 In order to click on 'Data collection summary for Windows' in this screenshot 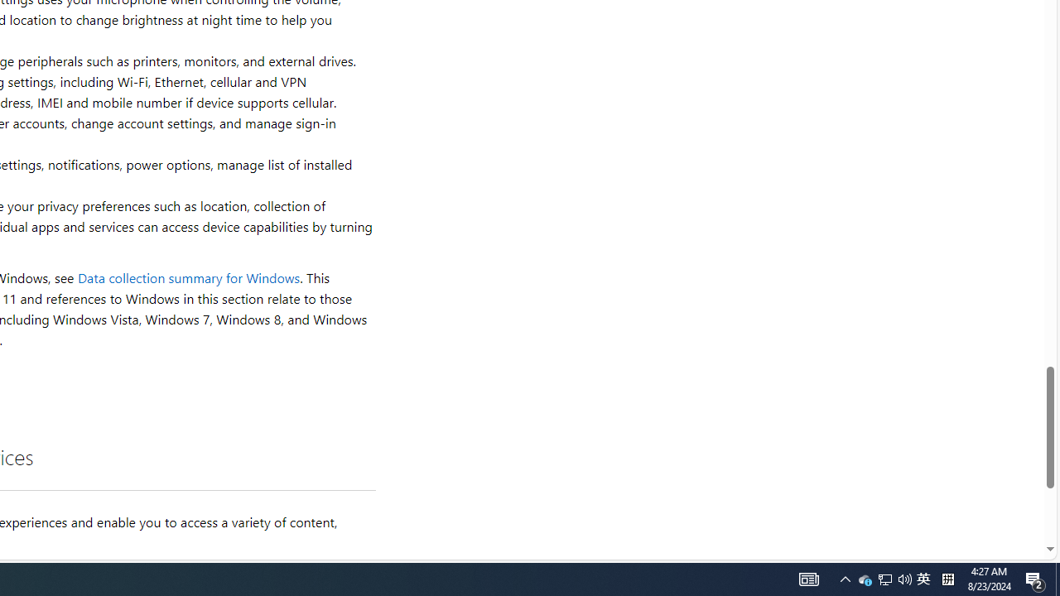, I will do `click(189, 276)`.